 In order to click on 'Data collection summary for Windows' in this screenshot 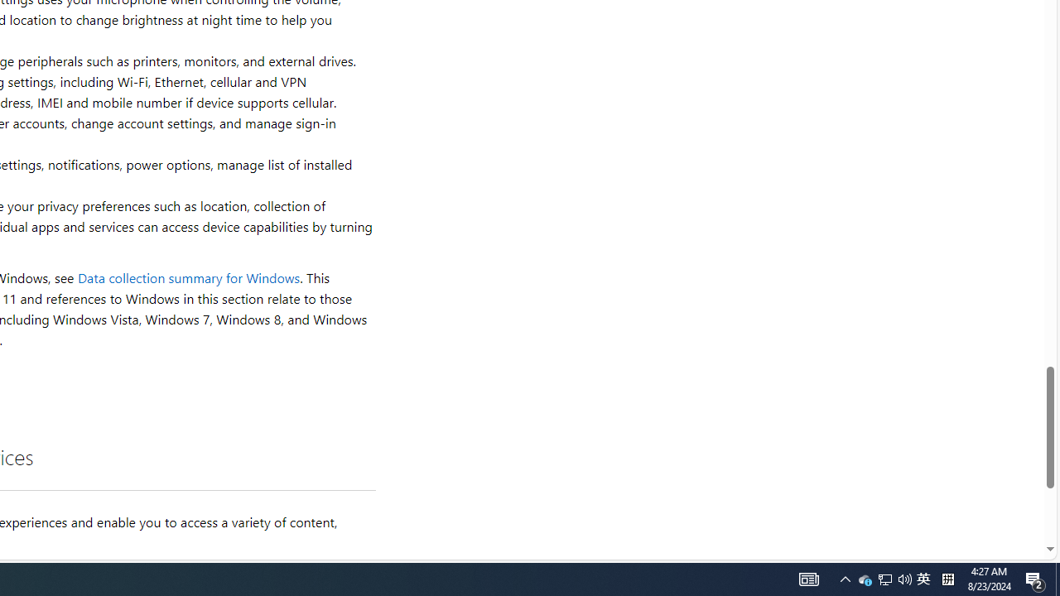, I will do `click(189, 276)`.